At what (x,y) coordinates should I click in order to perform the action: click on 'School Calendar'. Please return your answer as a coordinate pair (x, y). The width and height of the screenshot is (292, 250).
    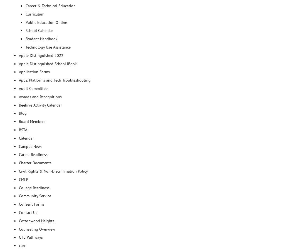
    Looking at the image, I should click on (39, 31).